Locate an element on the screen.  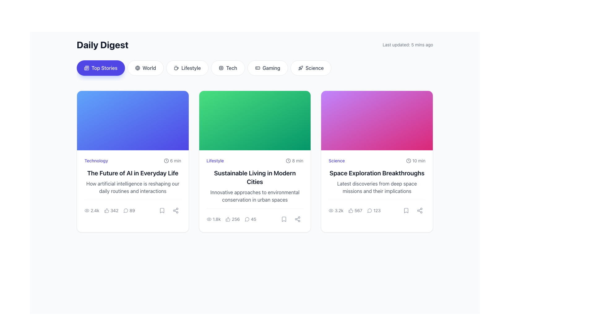
the share icon button located in the bottom-right corner of the third card titled 'Space Exploration Breakthroughs' is located at coordinates (420, 210).